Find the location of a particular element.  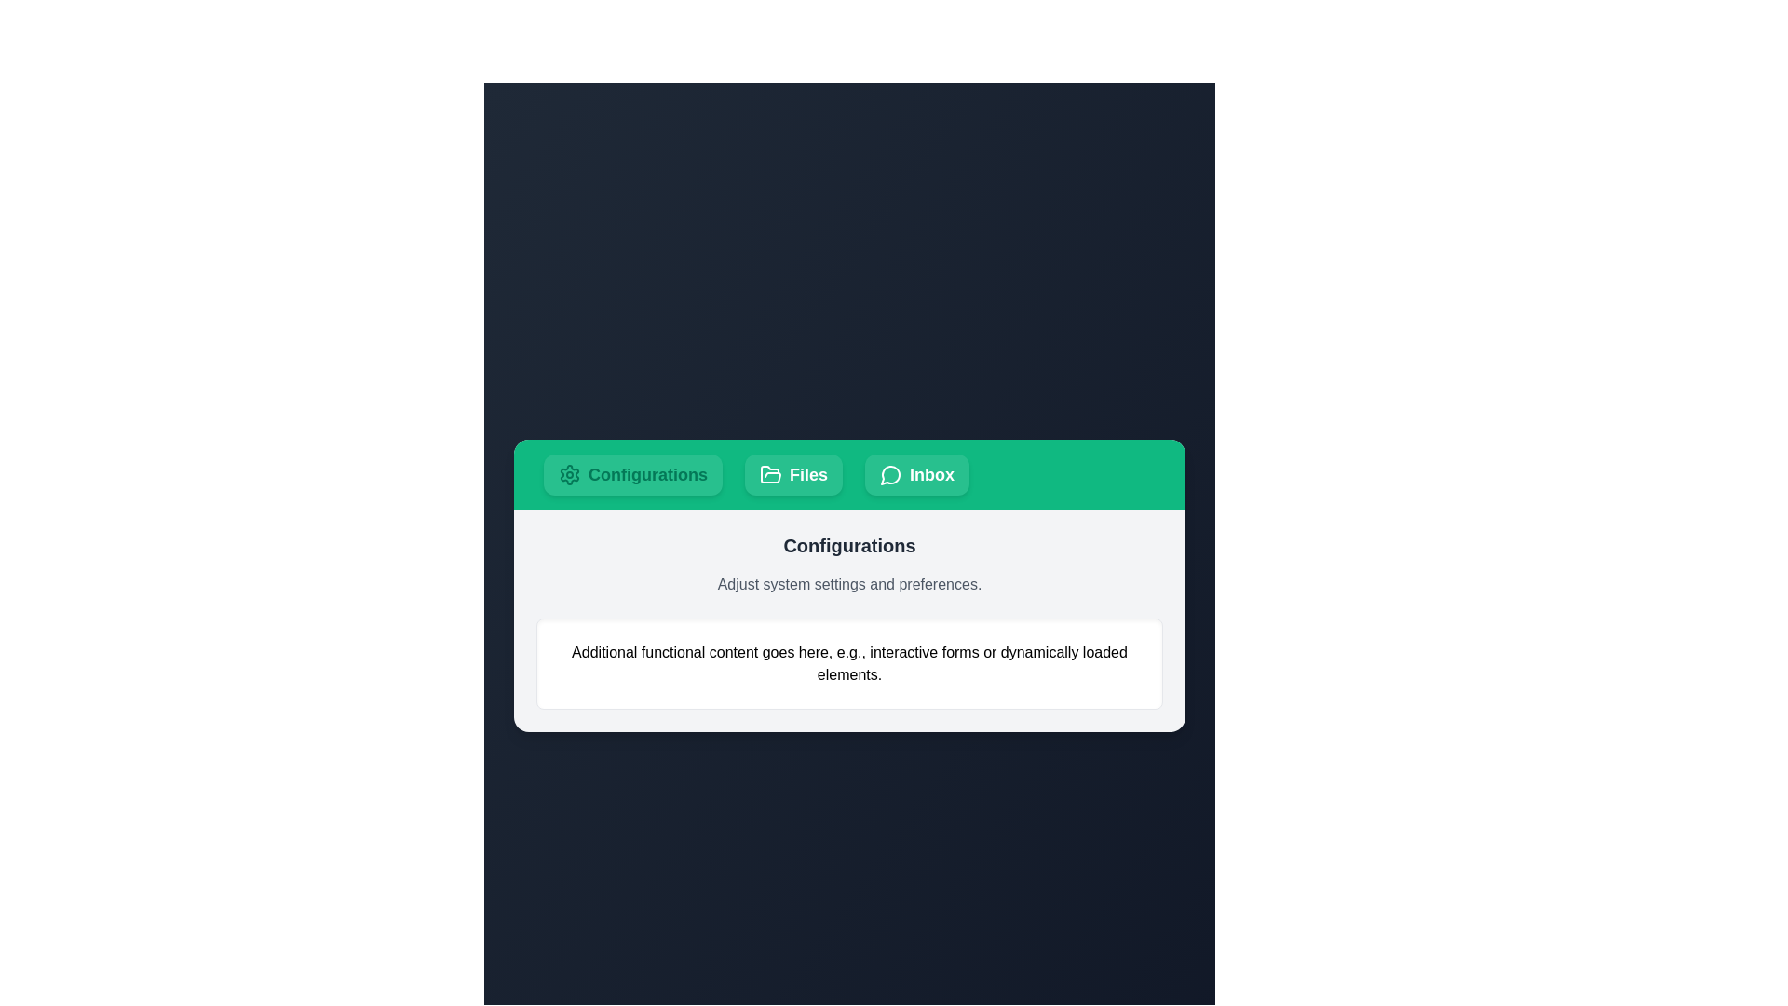

the tab identified by Files is located at coordinates (792, 473).